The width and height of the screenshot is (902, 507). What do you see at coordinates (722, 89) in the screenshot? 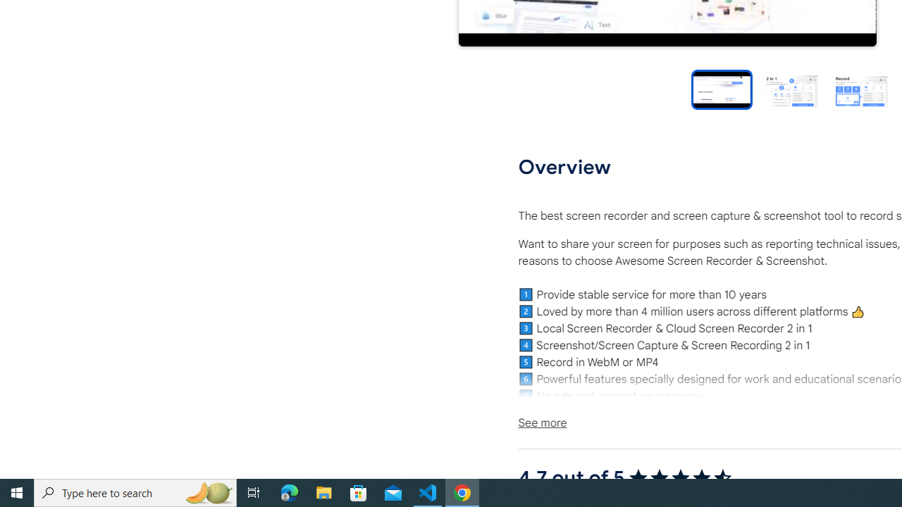
I see `'Preview slide 1'` at bounding box center [722, 89].